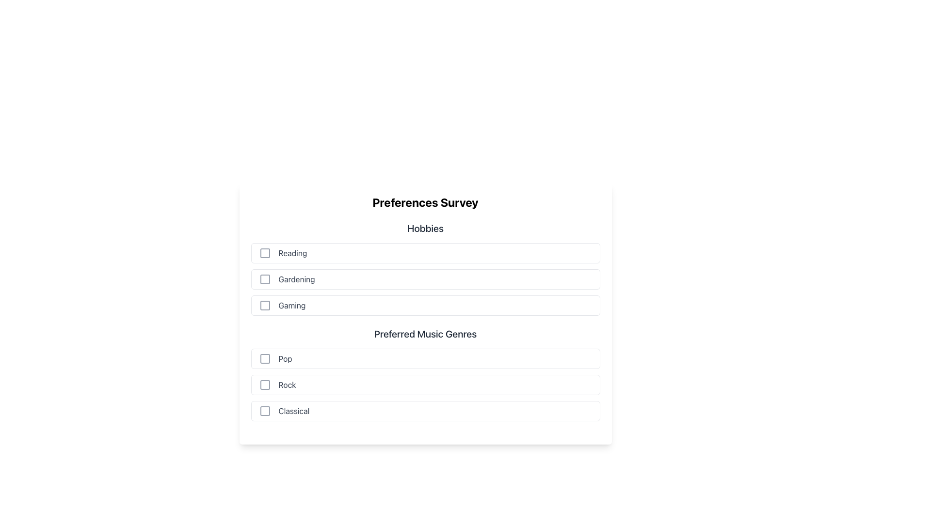  I want to click on the unselected checkbox for the 'Classical' genre in the 'Preferred Music Genres' section, so click(265, 411).